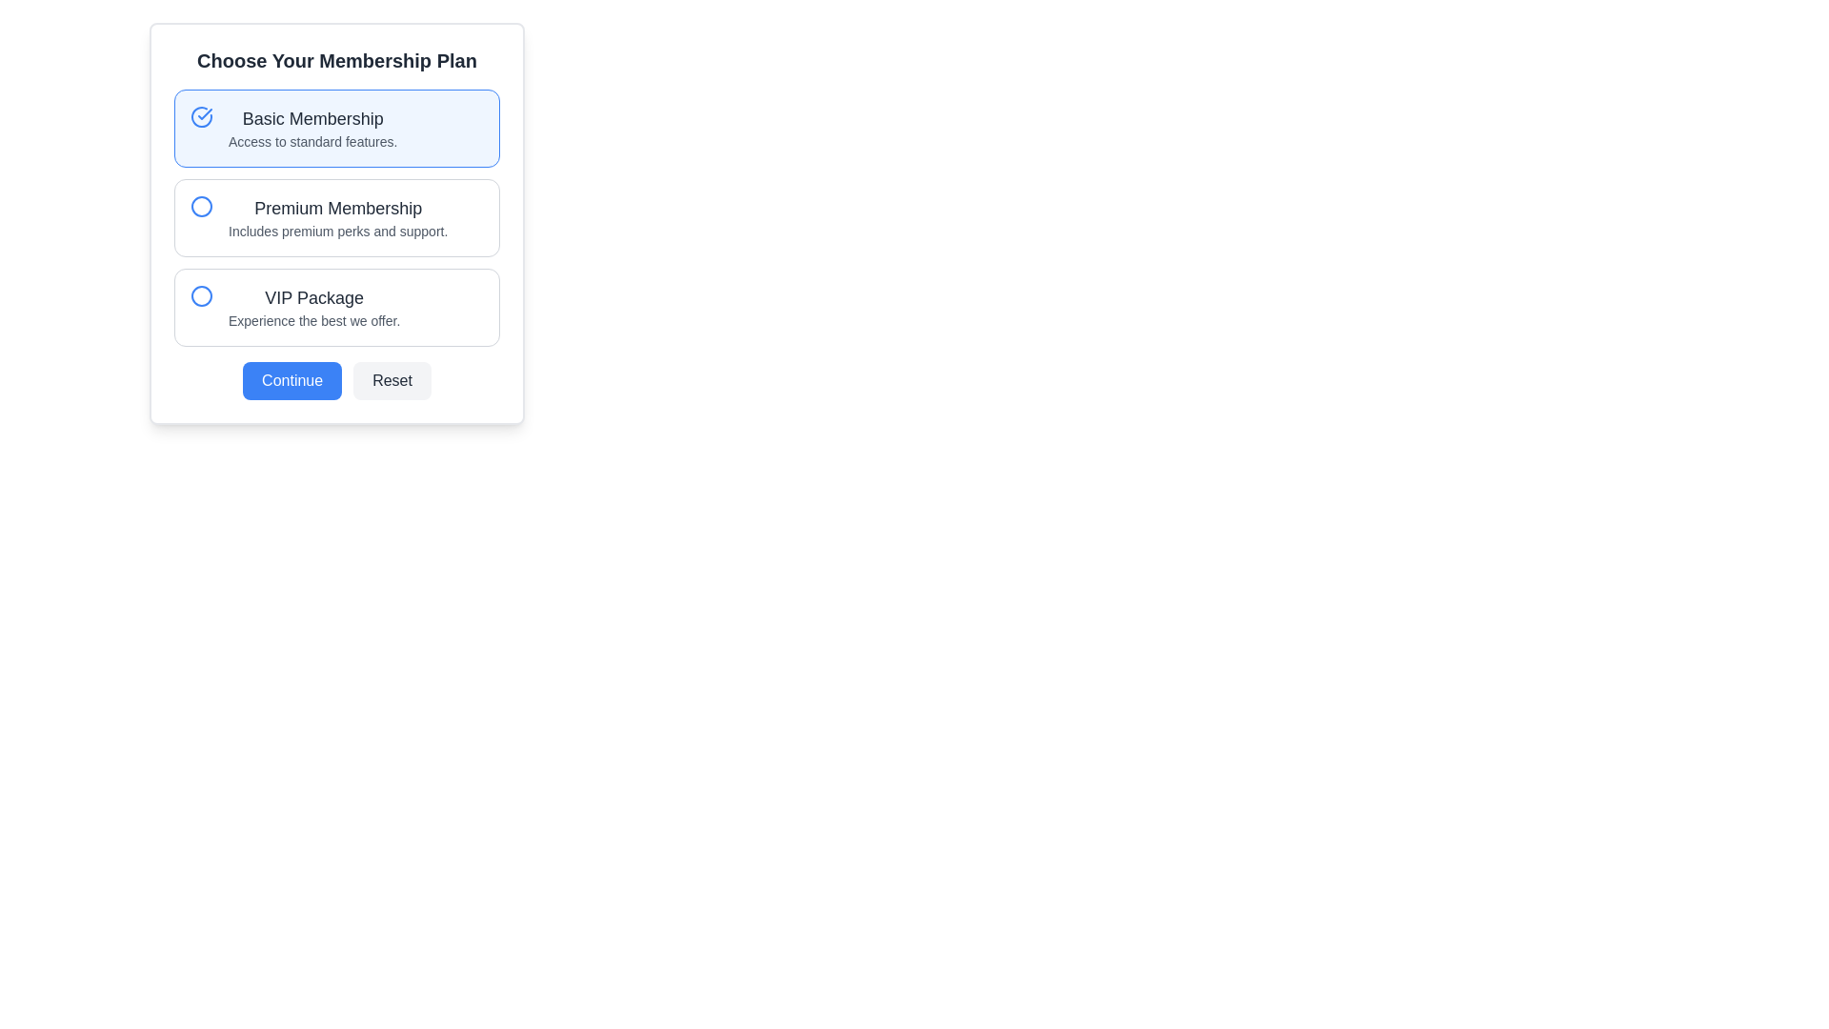 Image resolution: width=1829 pixels, height=1029 pixels. I want to click on the Checkmark Icon located in the upper-left corner of the 'Basic Membership' card, which indicates selection when this membership option is chosen, so click(205, 113).